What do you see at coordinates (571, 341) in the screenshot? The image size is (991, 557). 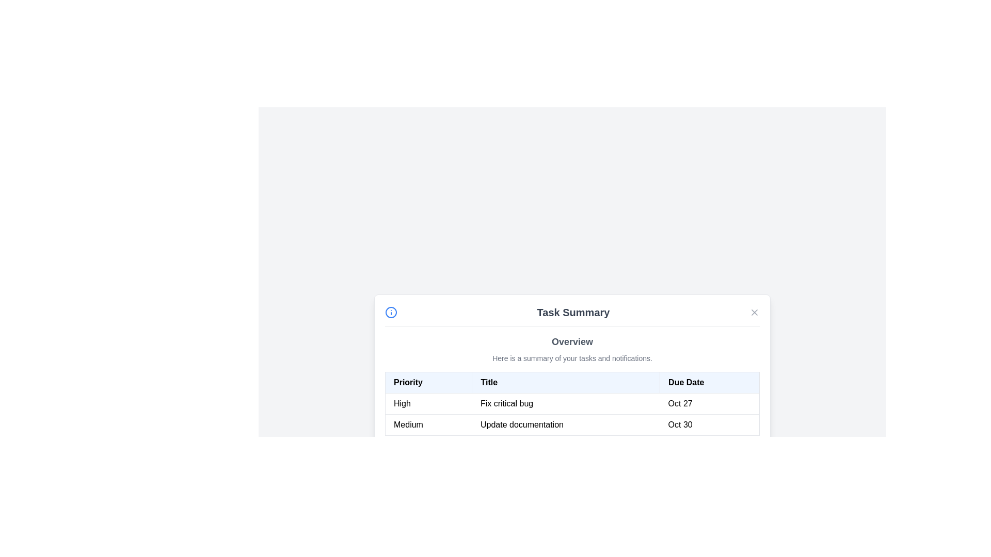 I see `the bolded text label reading 'Overview', which is styled in dark gray and serves as a section header in the task summary interface` at bounding box center [571, 341].